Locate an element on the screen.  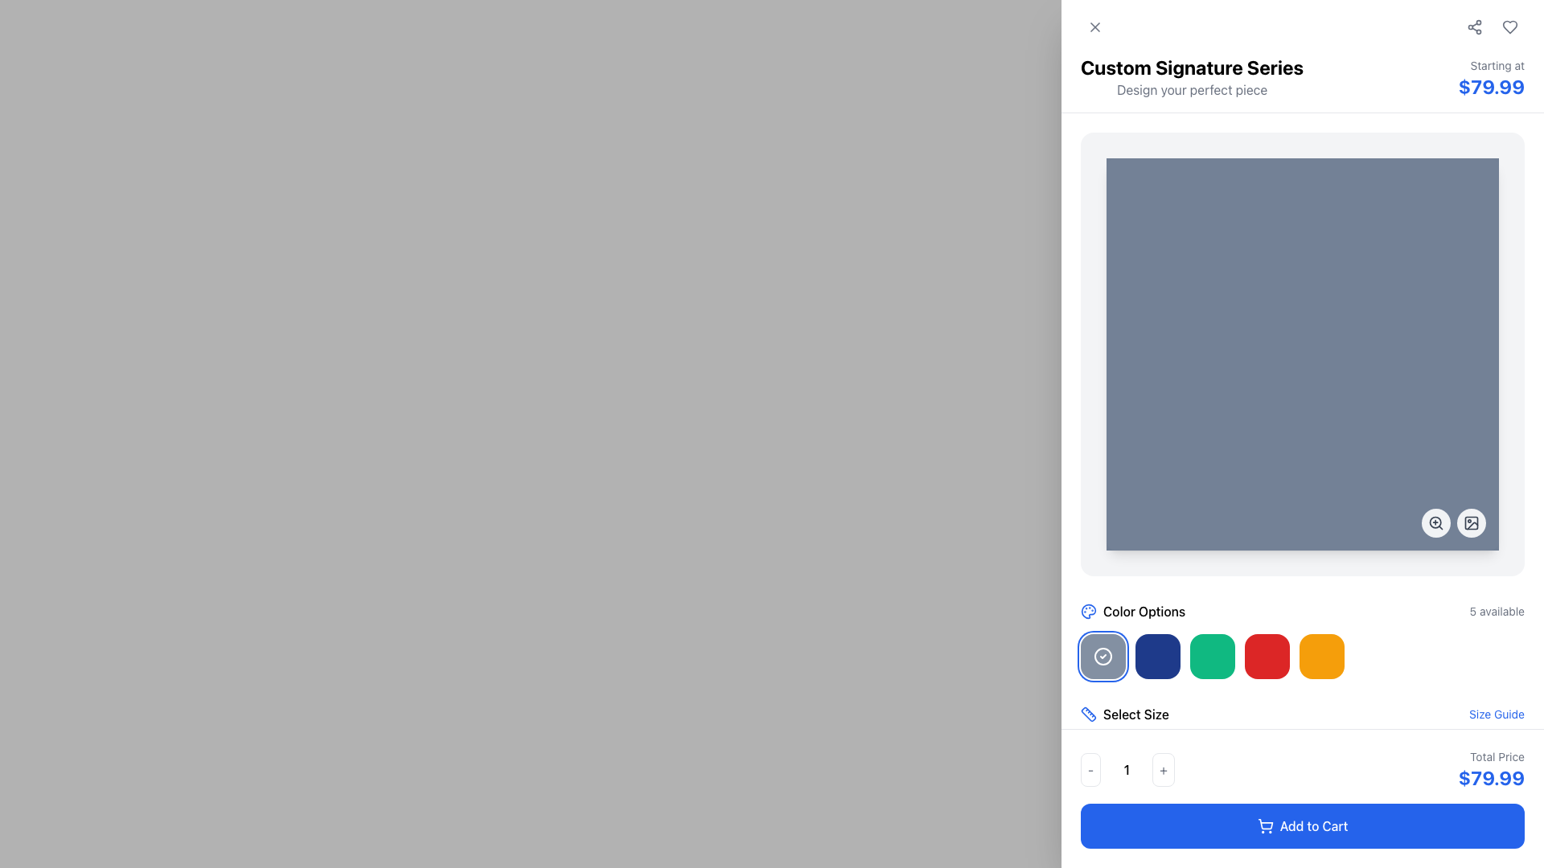
the '-' button on the quantity selector to decrease the quantity of the product being added to the cart is located at coordinates (1127, 768).